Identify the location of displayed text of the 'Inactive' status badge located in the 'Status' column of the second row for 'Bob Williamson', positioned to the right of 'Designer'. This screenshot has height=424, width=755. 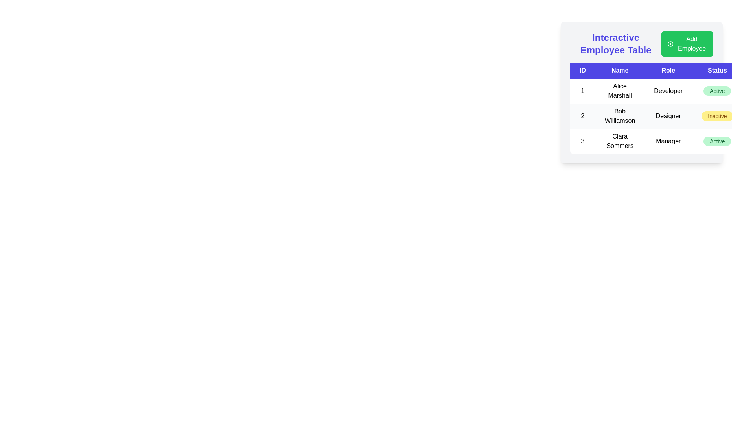
(717, 116).